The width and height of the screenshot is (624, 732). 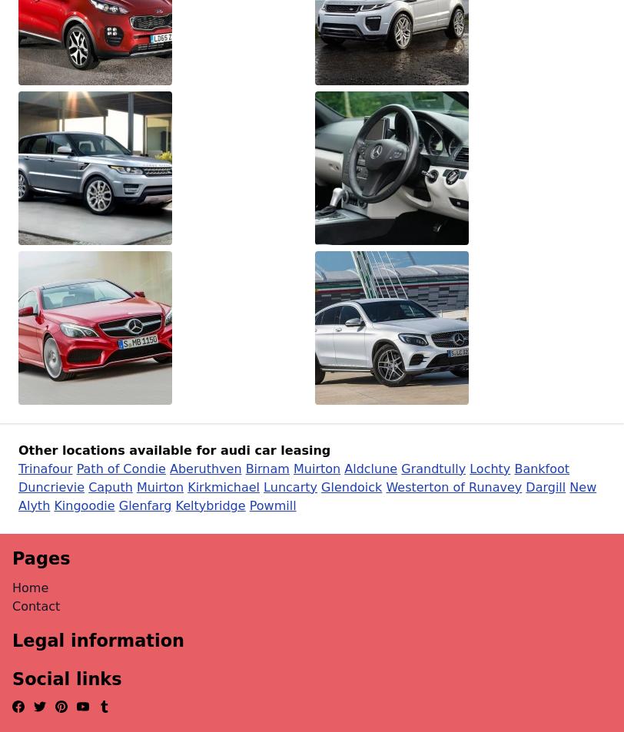 What do you see at coordinates (98, 640) in the screenshot?
I see `'Legal information'` at bounding box center [98, 640].